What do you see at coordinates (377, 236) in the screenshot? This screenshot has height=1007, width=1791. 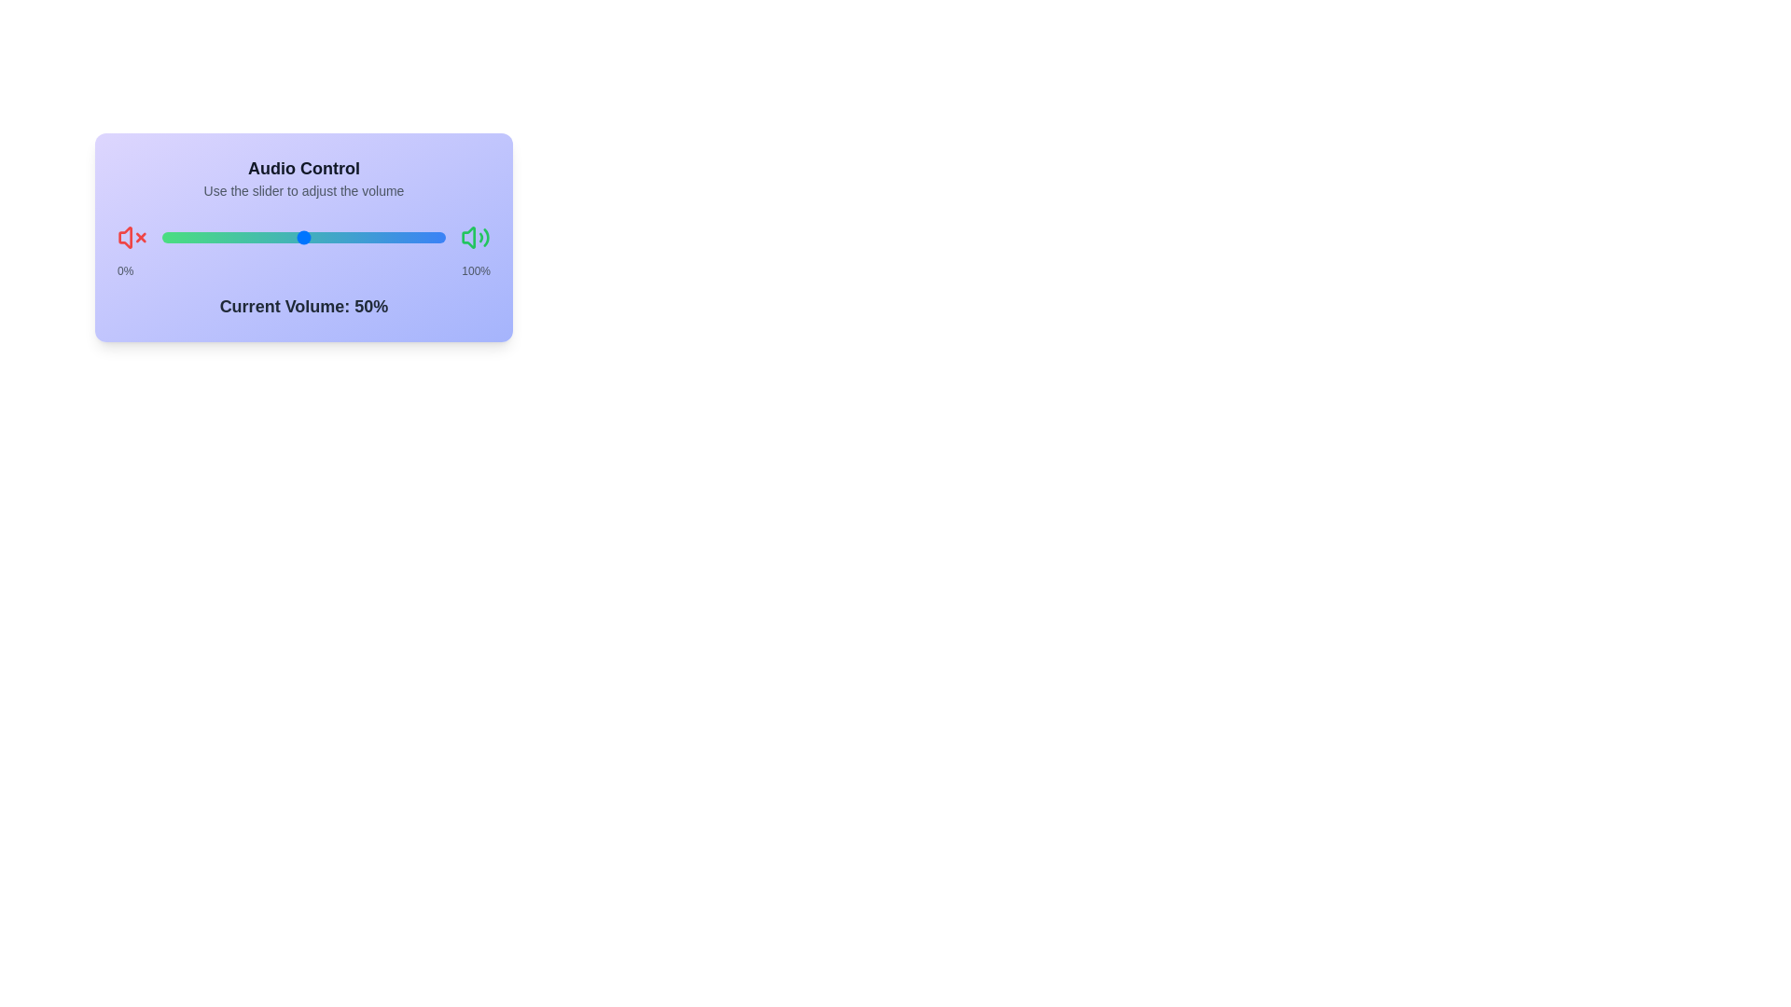 I see `the slider to set the volume to 76%` at bounding box center [377, 236].